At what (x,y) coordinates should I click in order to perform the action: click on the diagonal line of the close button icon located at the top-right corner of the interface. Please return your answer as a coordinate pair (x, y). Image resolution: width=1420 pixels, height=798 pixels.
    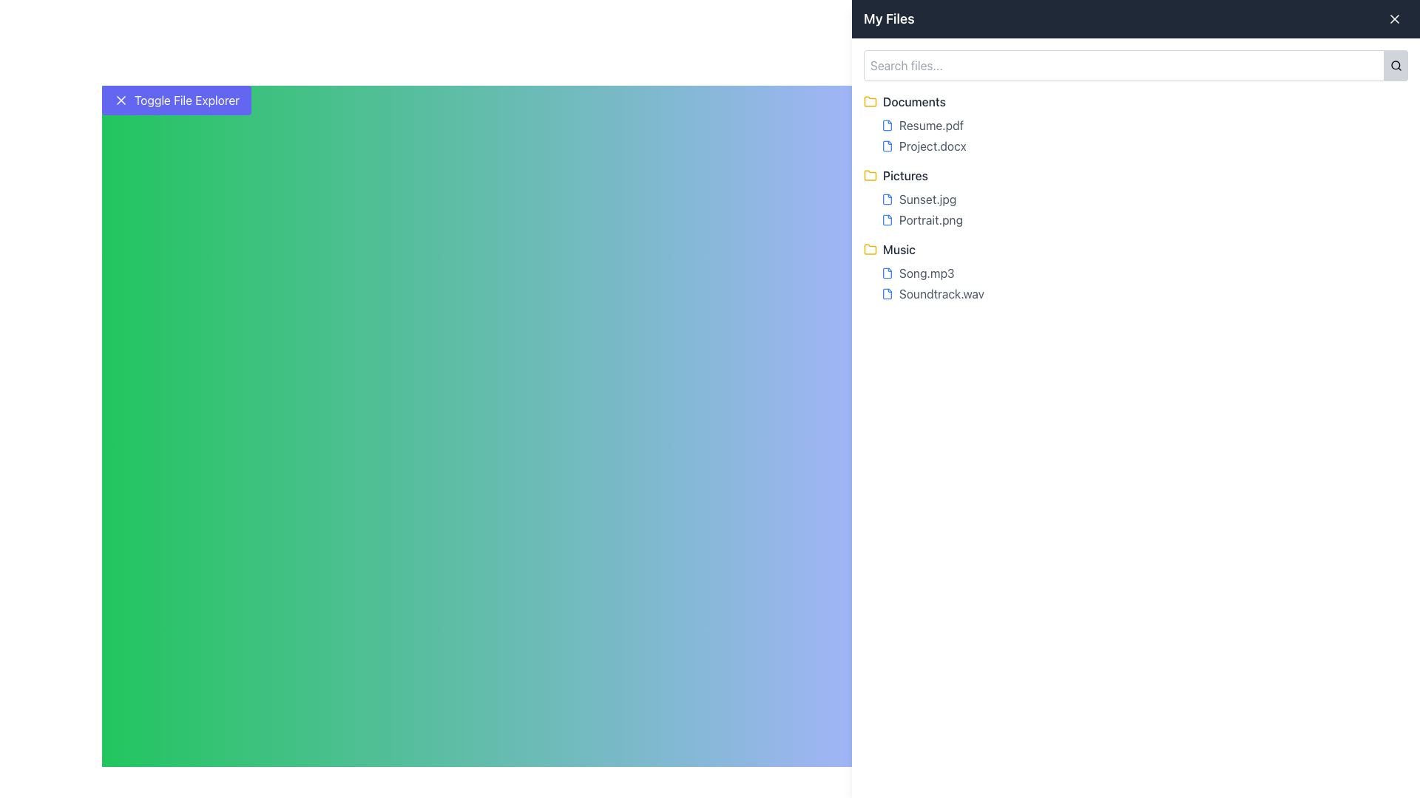
    Looking at the image, I should click on (1394, 19).